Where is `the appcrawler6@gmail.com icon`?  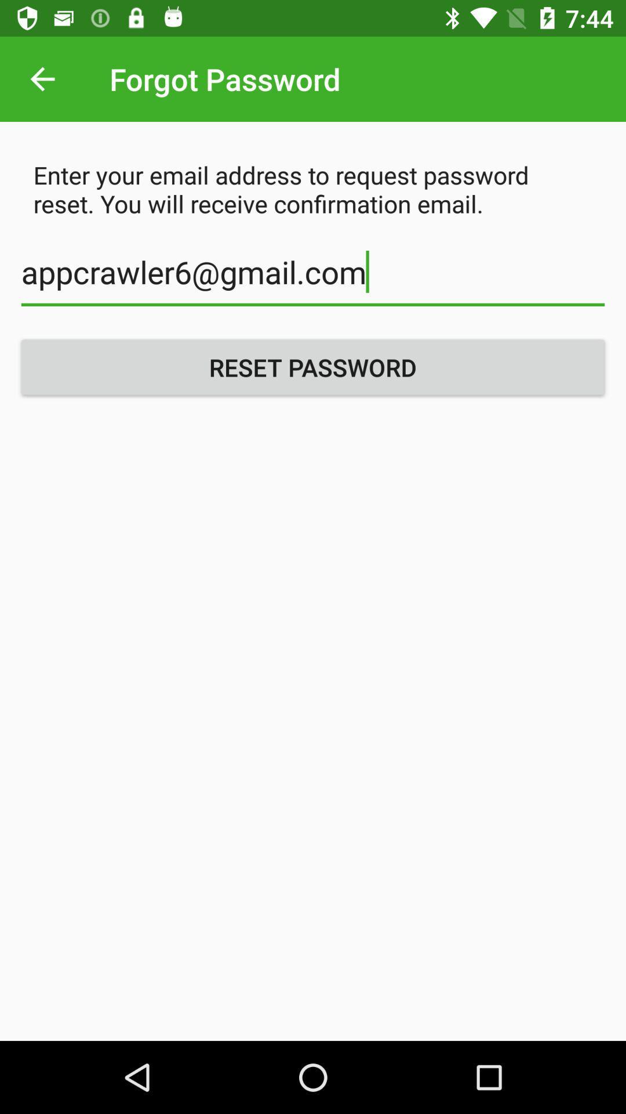 the appcrawler6@gmail.com icon is located at coordinates (313, 278).